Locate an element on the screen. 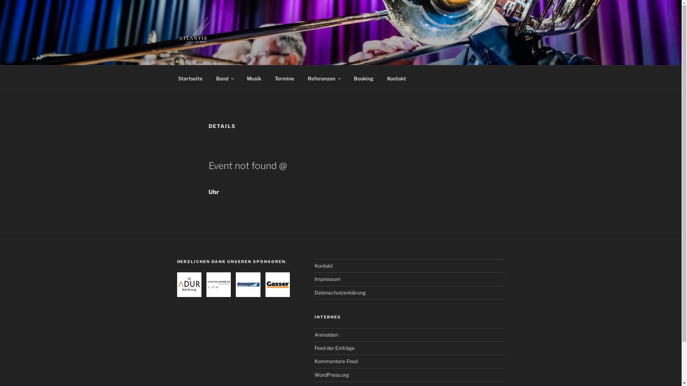 This screenshot has height=386, width=687. 'Band' is located at coordinates (224, 78).